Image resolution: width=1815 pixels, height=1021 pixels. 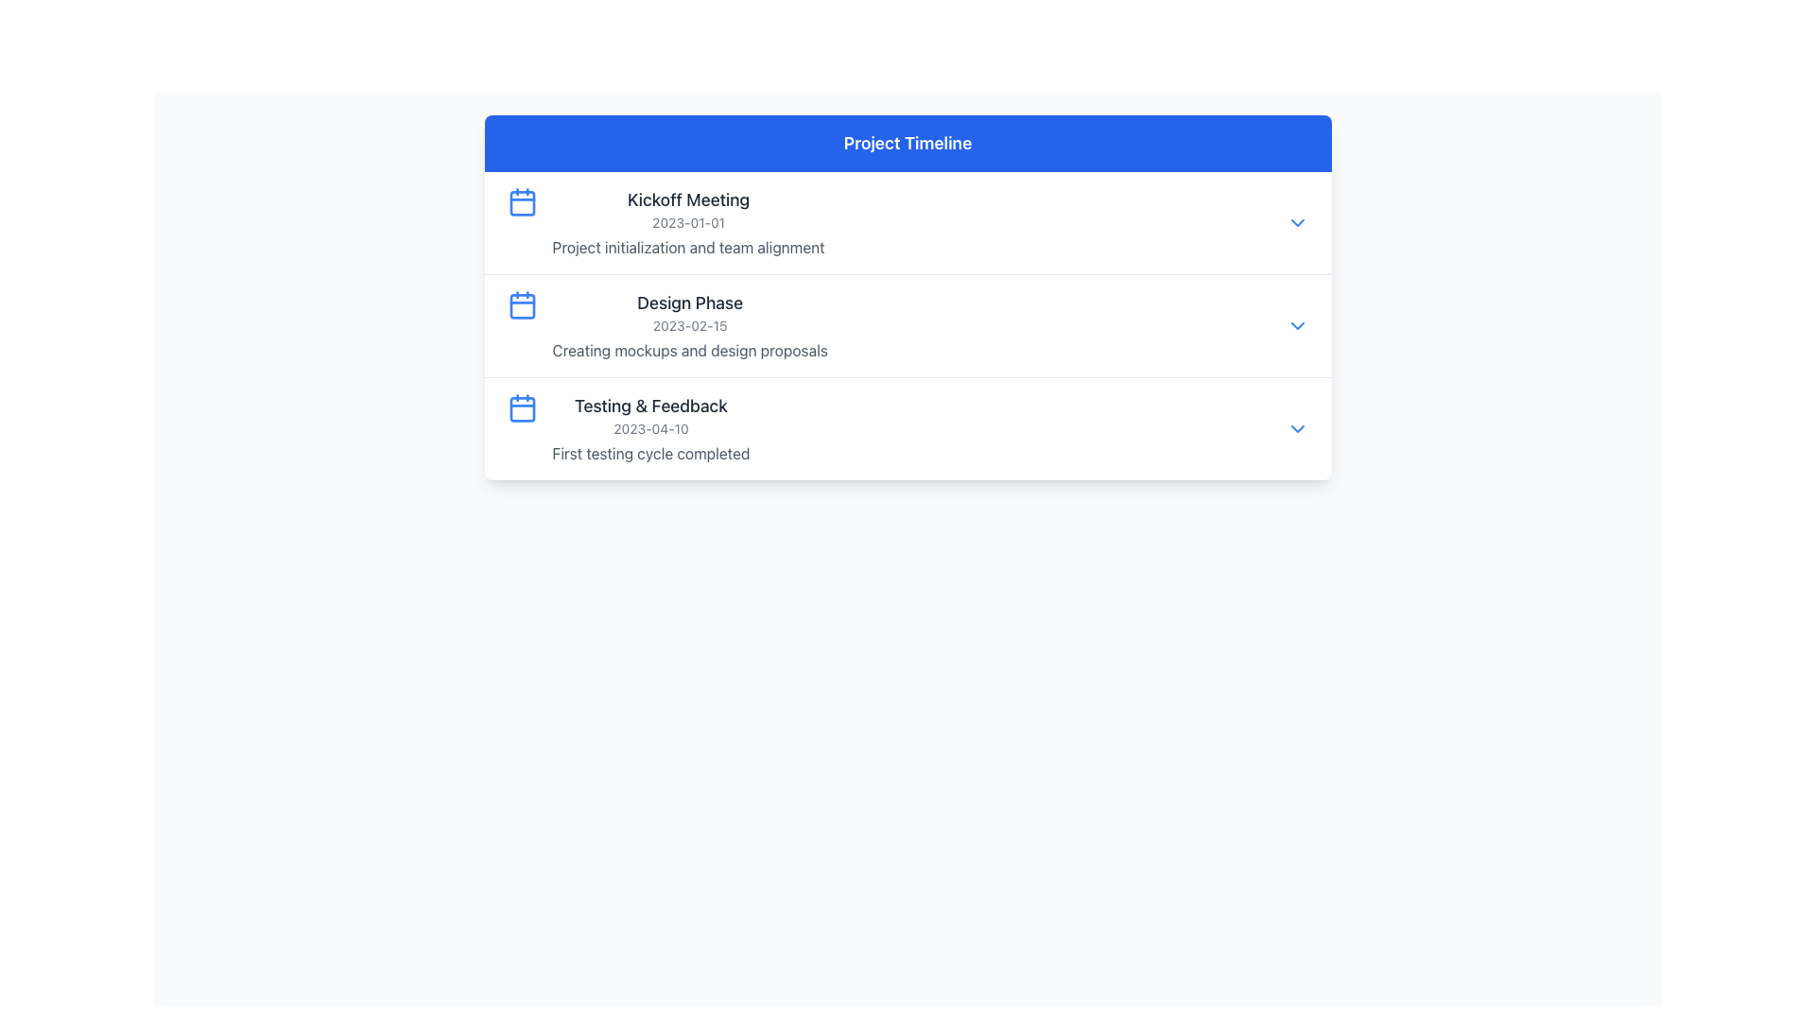 I want to click on the actions associated with the highlighted middle timeline item in the 'Project Timeline' list, so click(x=907, y=324).